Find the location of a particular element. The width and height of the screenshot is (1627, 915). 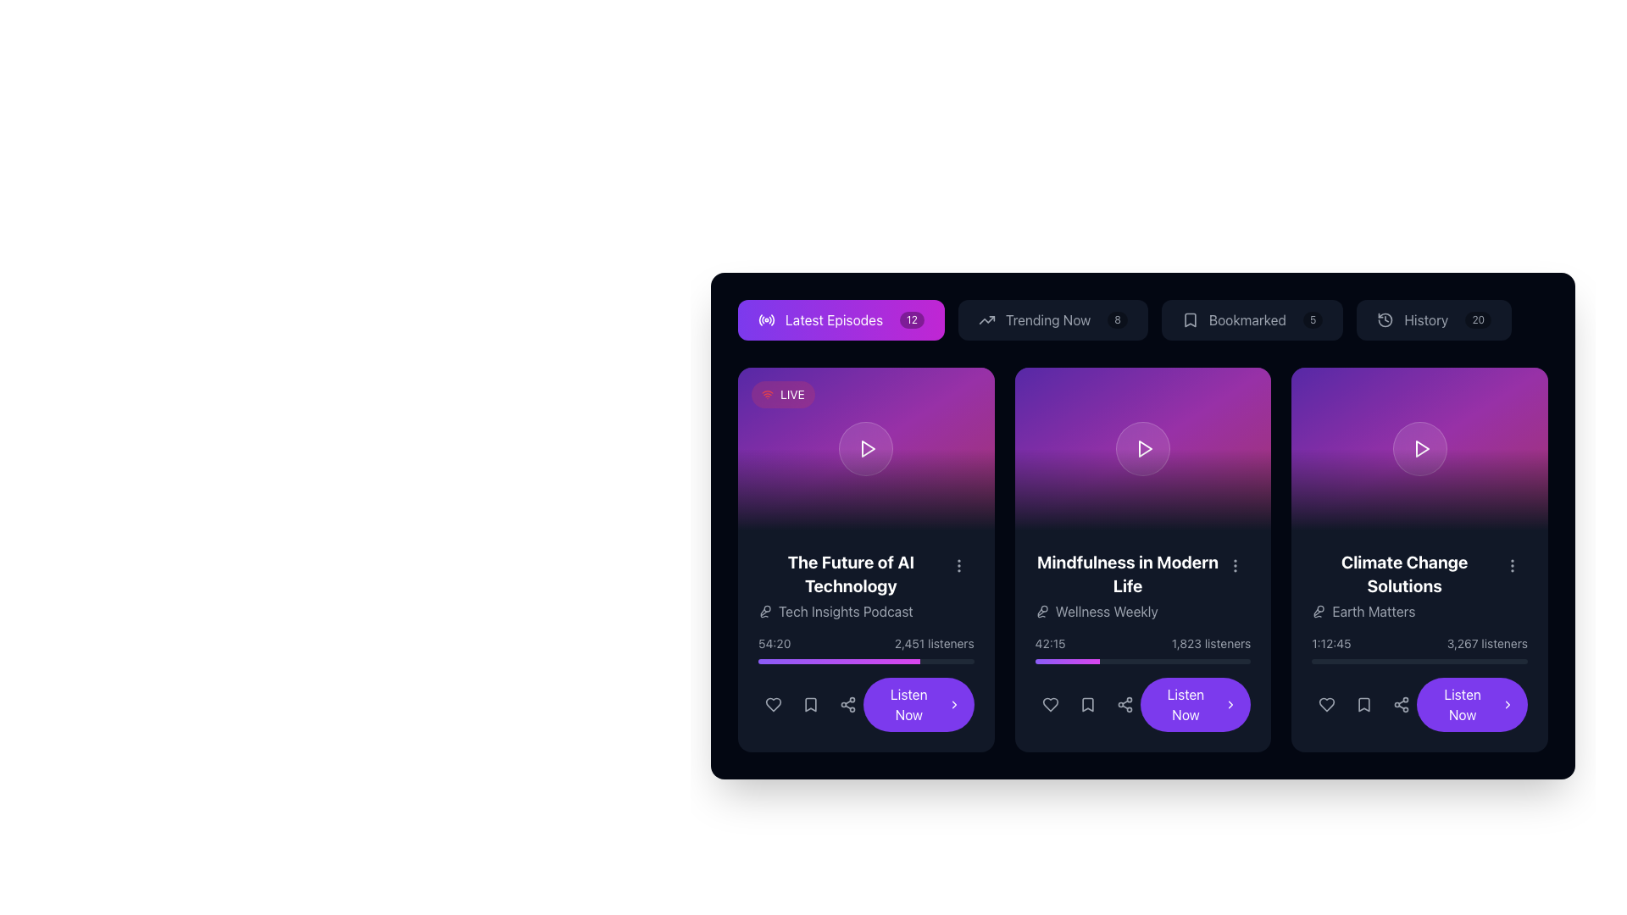

the text display section that shows the title and subtitle for 'Climate Change Solutions', located at the bottom of the third card in the horizontal list is located at coordinates (1419, 585).